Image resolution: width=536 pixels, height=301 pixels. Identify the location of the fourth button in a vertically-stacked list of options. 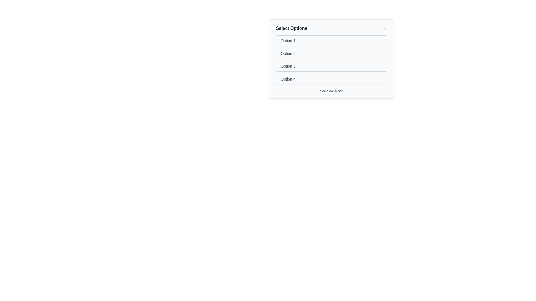
(331, 79).